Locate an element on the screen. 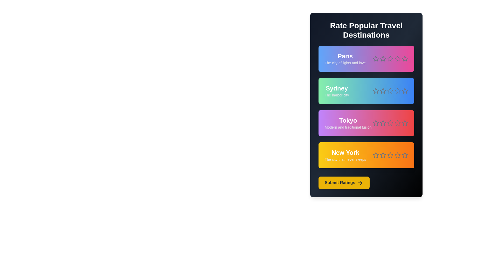  the rating for a destination to 4 stars is located at coordinates (397, 59).